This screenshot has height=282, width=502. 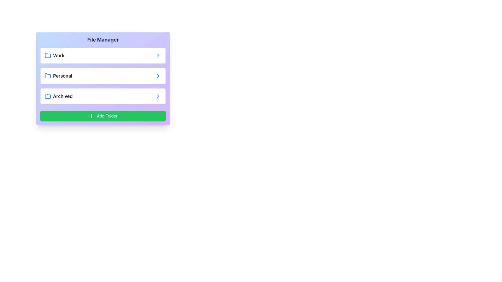 I want to click on the right-facing chevron icon indicating navigation, located to the right of the 'Work' folder label, so click(x=158, y=55).